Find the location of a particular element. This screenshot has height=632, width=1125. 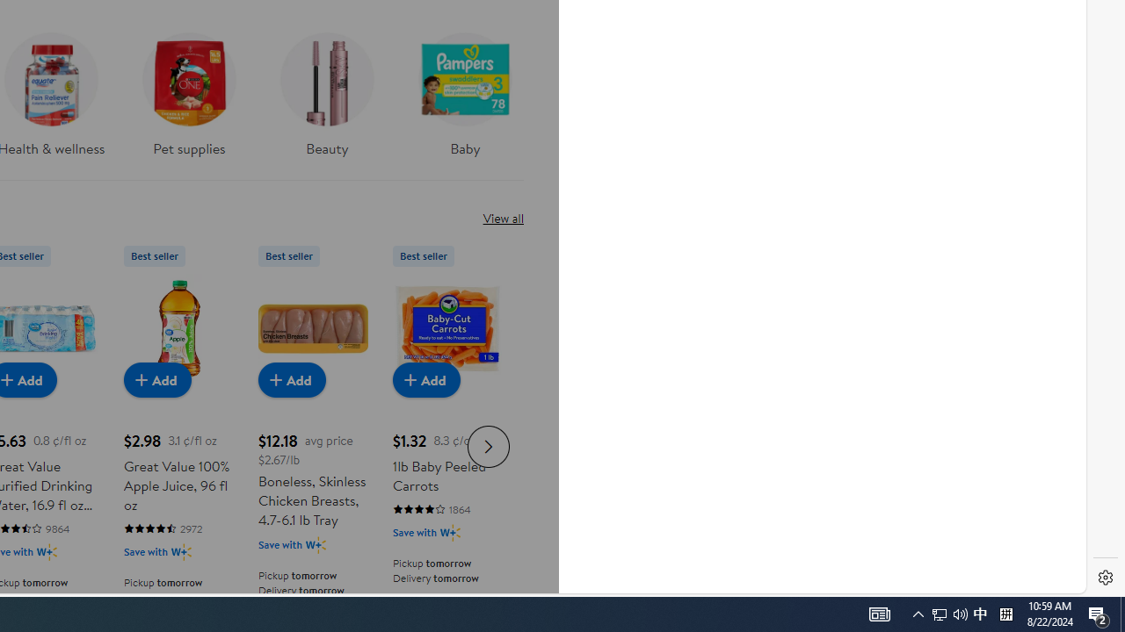

'Beauty' is located at coordinates (326, 89).